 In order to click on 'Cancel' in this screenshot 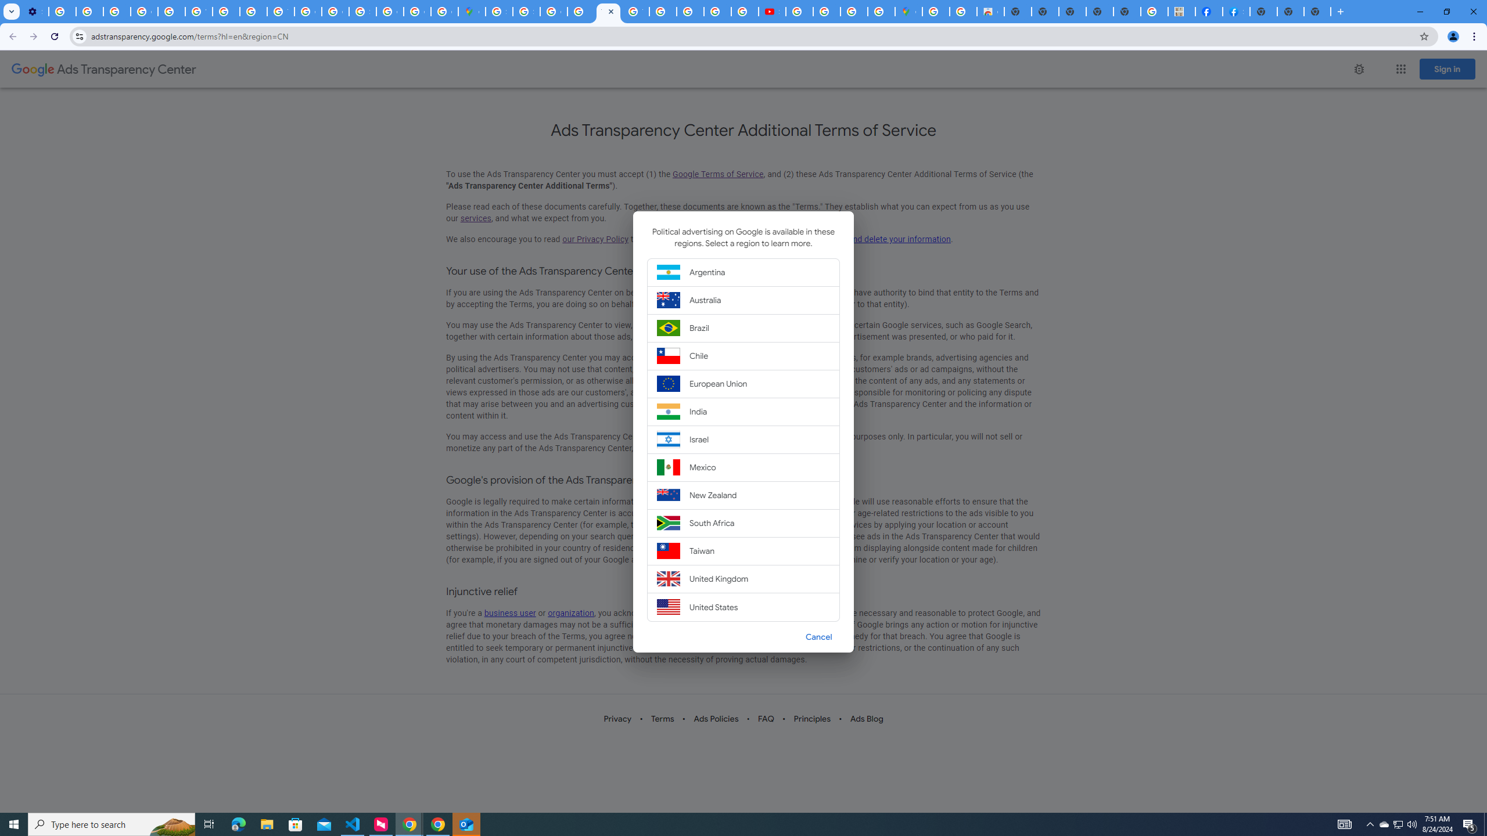, I will do `click(818, 636)`.